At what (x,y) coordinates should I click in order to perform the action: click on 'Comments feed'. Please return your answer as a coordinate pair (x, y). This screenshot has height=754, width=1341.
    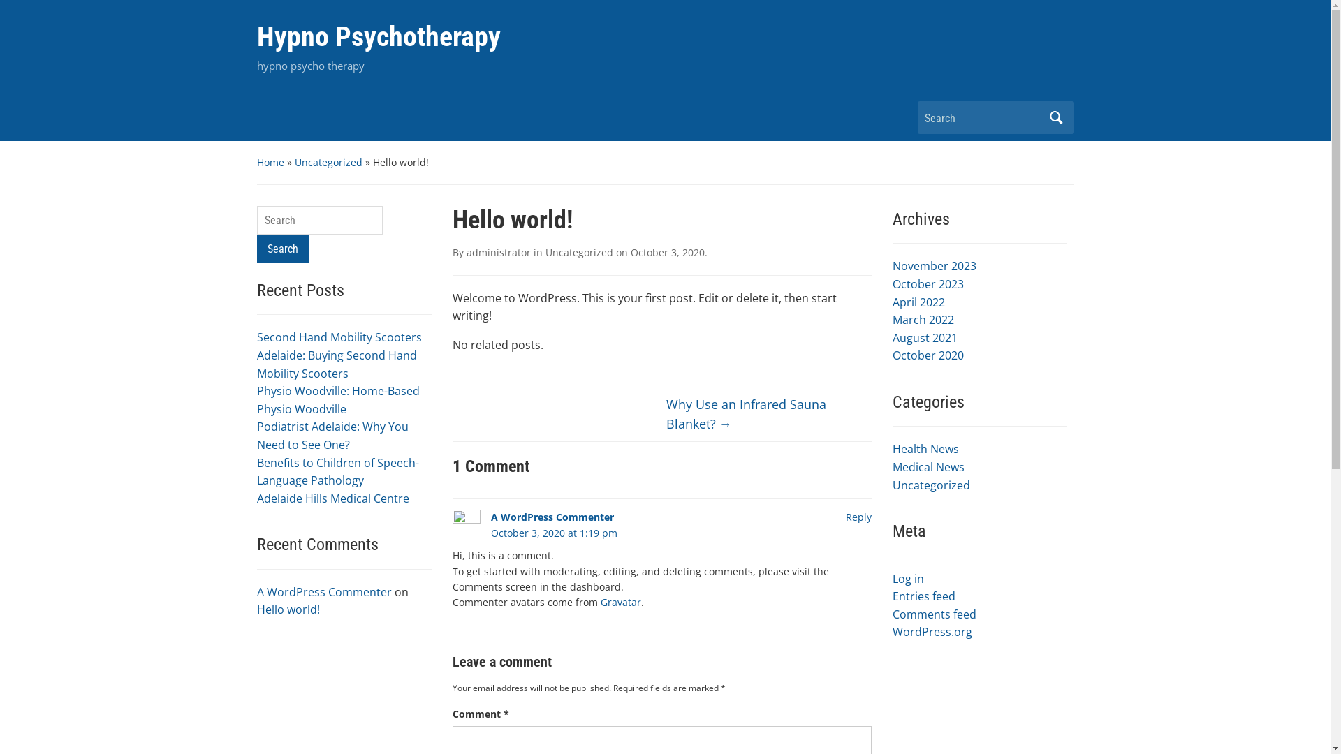
    Looking at the image, I should click on (935, 613).